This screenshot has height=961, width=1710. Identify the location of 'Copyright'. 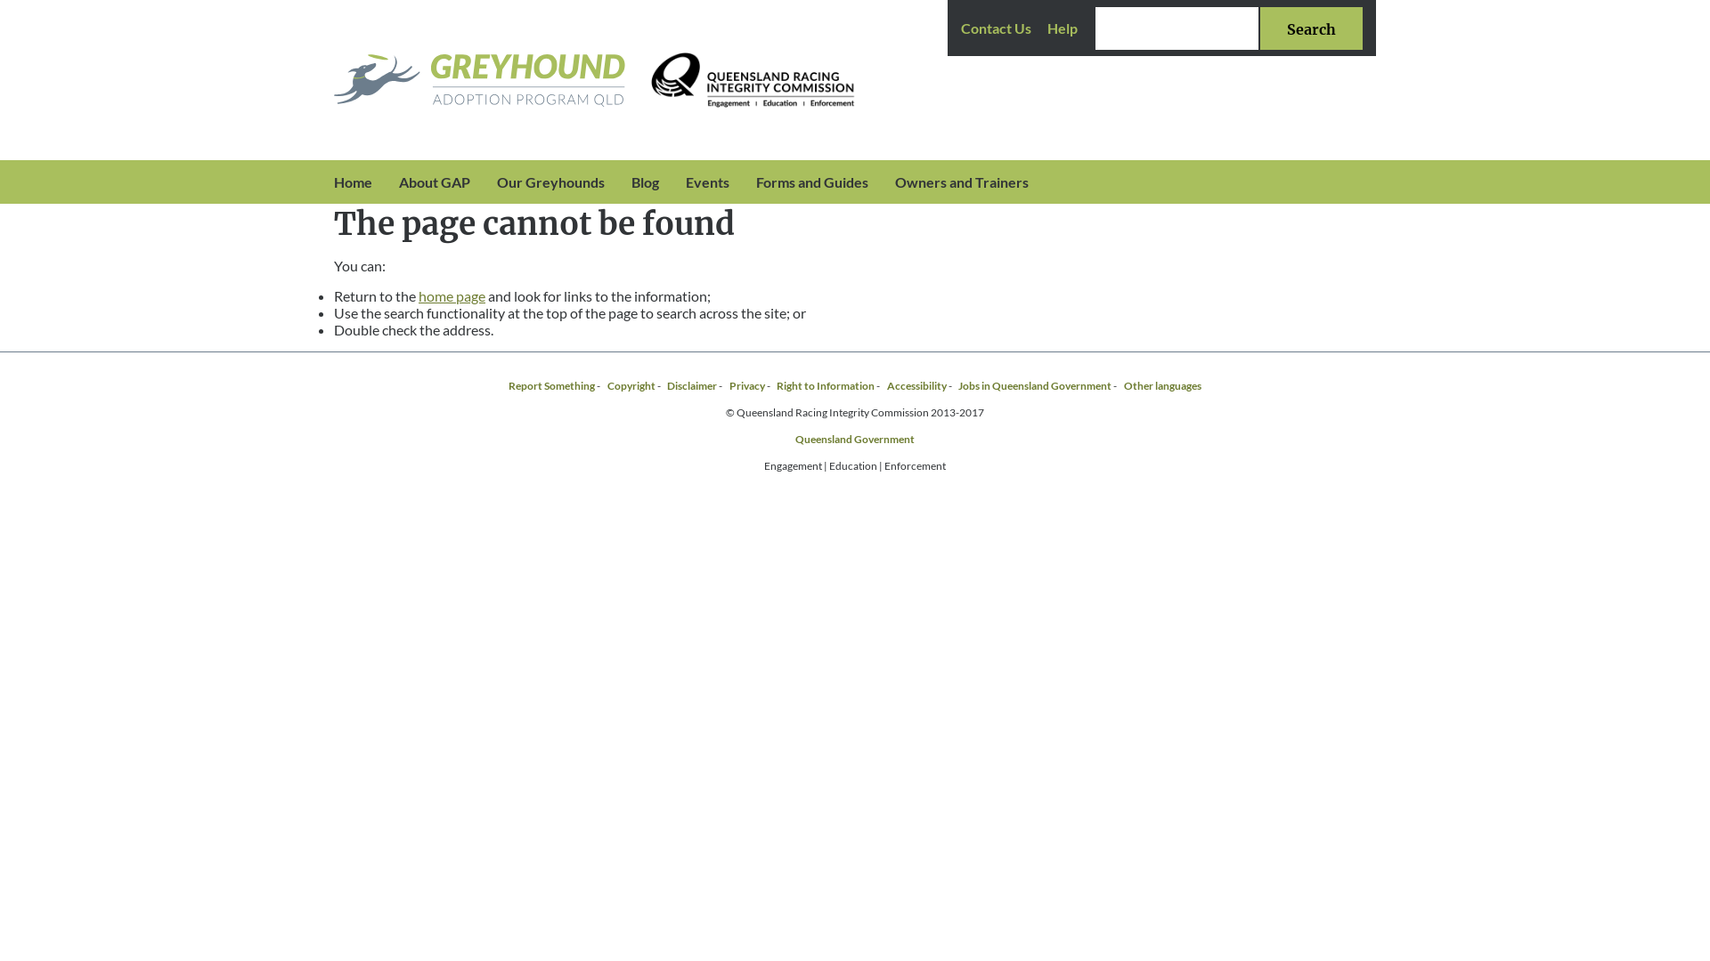
(631, 384).